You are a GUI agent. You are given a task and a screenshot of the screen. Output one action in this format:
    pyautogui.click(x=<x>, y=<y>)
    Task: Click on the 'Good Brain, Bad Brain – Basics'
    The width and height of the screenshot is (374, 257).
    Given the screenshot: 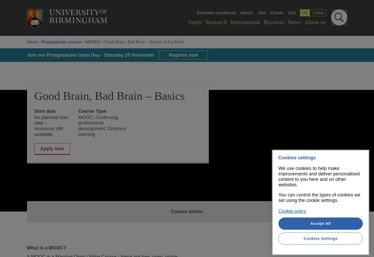 What is the action you would take?
    pyautogui.click(x=109, y=95)
    